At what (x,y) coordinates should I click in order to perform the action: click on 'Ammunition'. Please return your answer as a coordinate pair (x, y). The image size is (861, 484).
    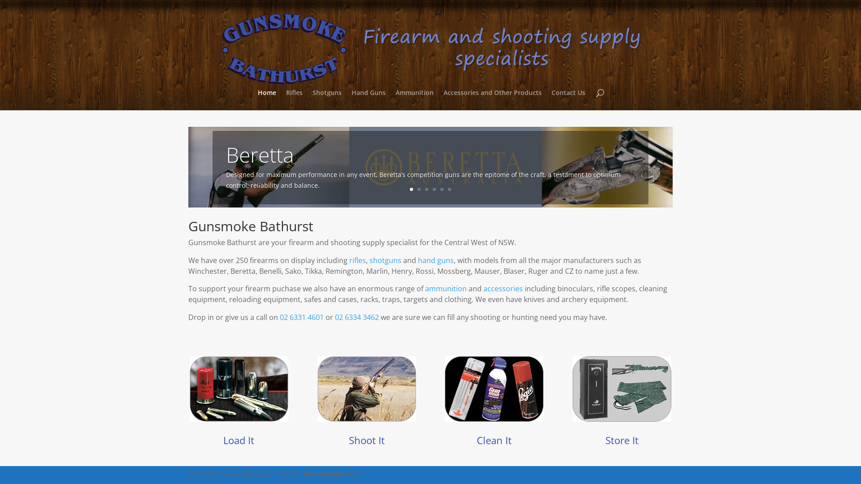
    Looking at the image, I should click on (414, 100).